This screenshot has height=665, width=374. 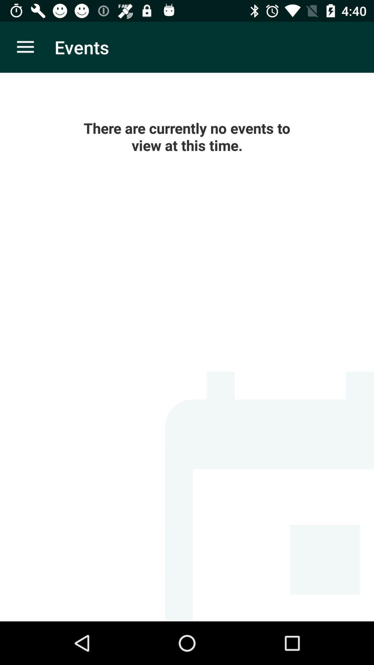 I want to click on the icon next to the events, so click(x=25, y=47).